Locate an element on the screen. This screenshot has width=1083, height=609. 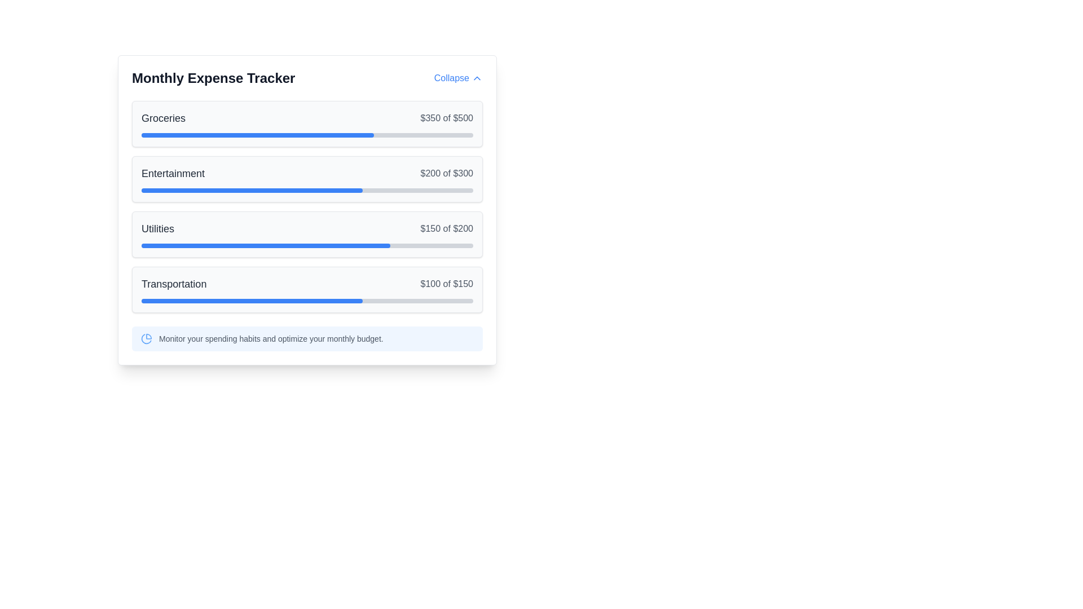
the filled portion of the progress indicator bar representing expenses incurred in the 'Groceries' category within the 'Monthly Expense Tracker' section is located at coordinates (257, 134).